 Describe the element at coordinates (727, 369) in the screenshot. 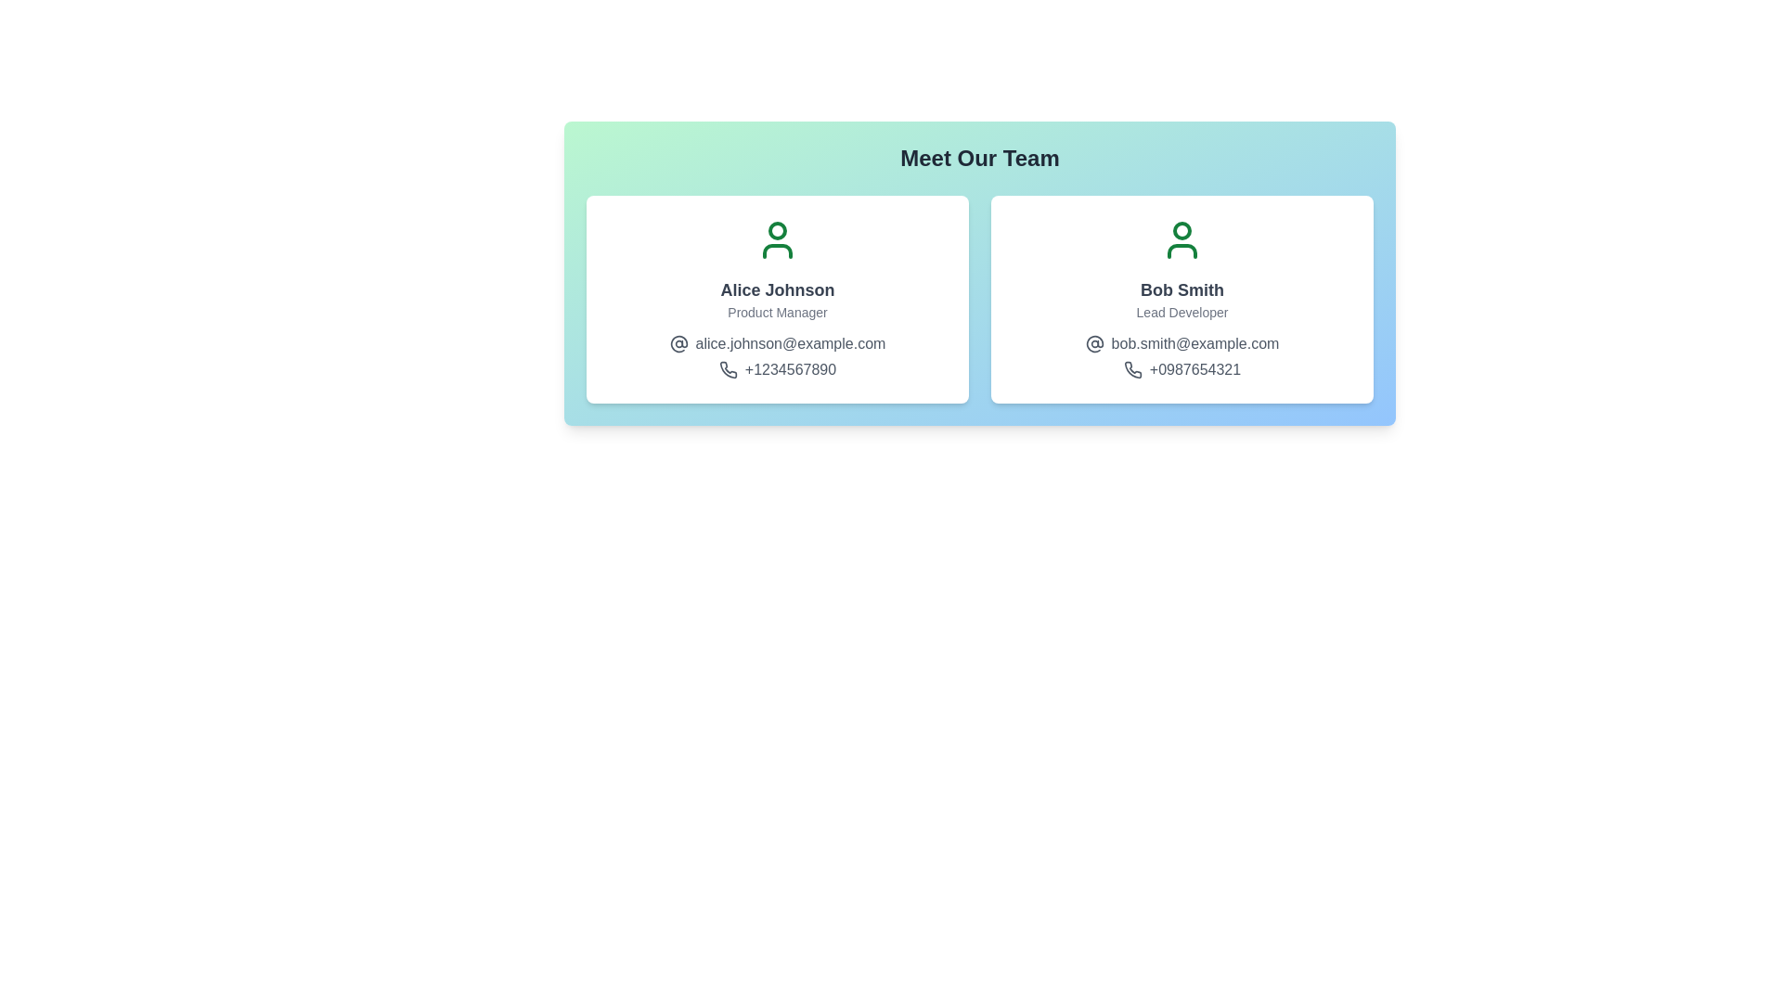

I see `the phone receiver icon located in the 'Meet Our Team' section of the left profile card, which is vertically aligned with the email text and near the phone number text` at that location.